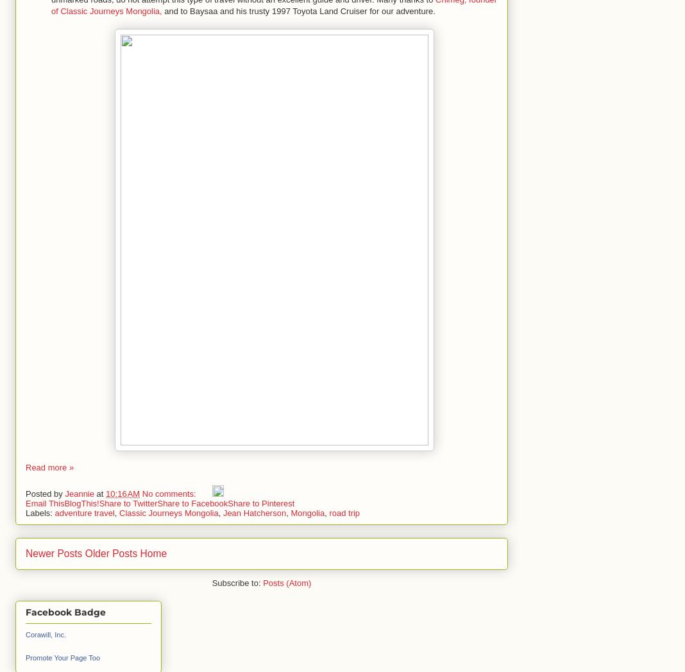 The width and height of the screenshot is (685, 672). I want to click on 'Newer Posts', so click(53, 552).